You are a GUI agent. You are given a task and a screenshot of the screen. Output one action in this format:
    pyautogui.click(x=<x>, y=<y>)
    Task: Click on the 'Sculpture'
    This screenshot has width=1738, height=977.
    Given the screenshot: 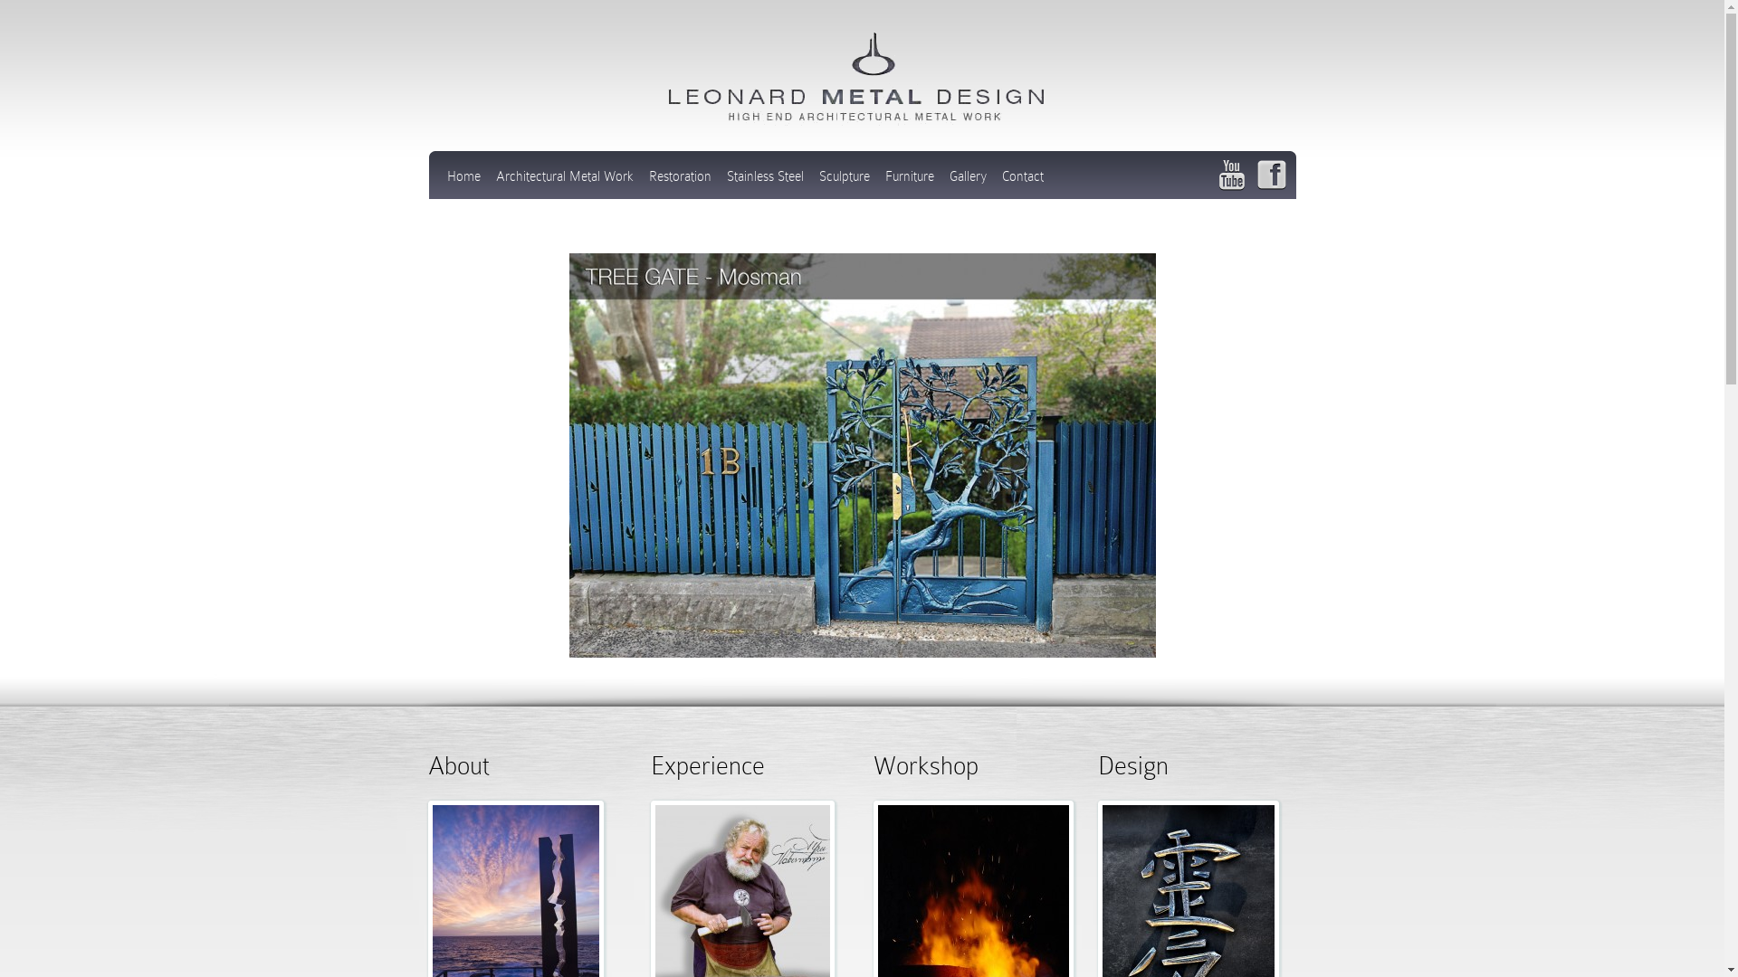 What is the action you would take?
    pyautogui.click(x=842, y=182)
    